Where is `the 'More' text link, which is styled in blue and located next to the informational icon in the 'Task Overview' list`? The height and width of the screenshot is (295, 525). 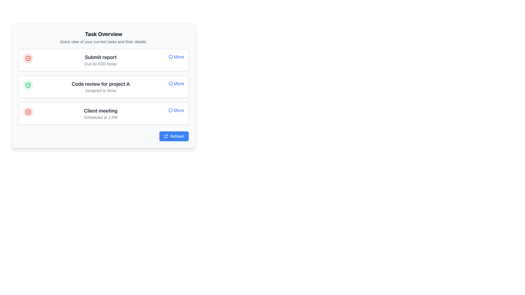 the 'More' text link, which is styled in blue and located next to the informational icon in the 'Task Overview' list is located at coordinates (179, 57).